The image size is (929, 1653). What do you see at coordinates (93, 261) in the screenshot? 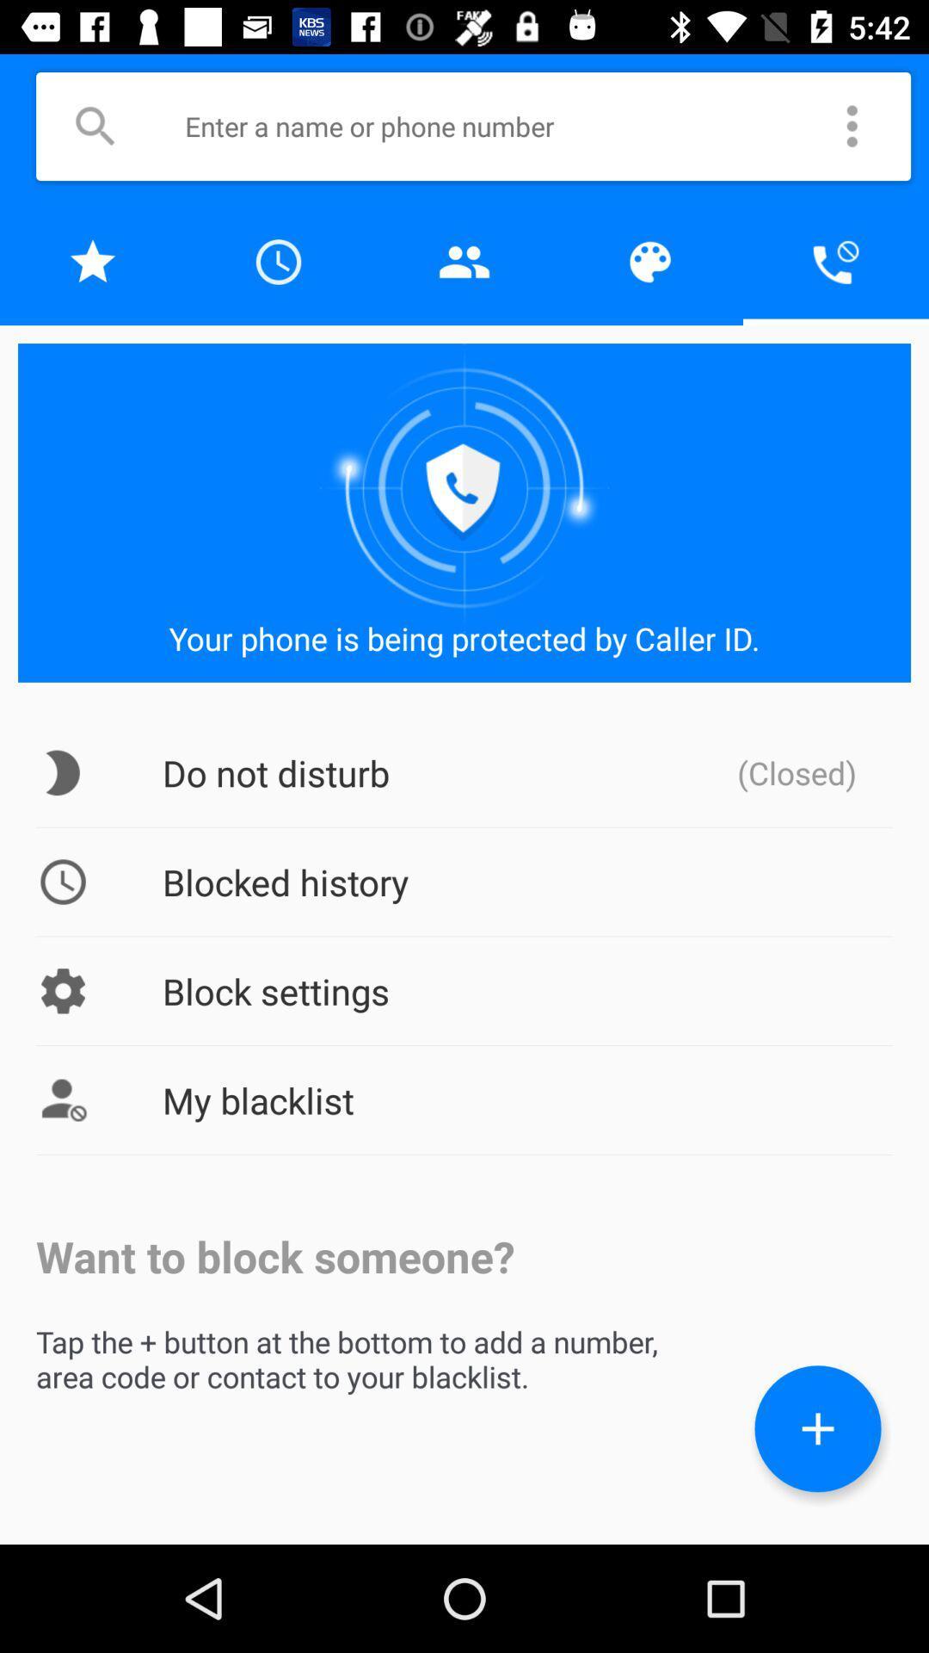
I see `the app above the your phone is app` at bounding box center [93, 261].